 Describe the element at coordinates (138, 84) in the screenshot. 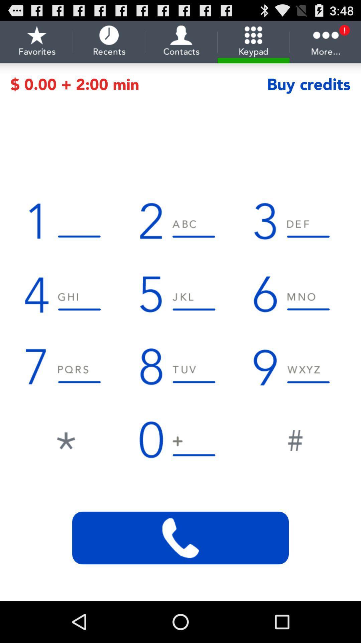

I see `the item to the left of buy credits` at that location.